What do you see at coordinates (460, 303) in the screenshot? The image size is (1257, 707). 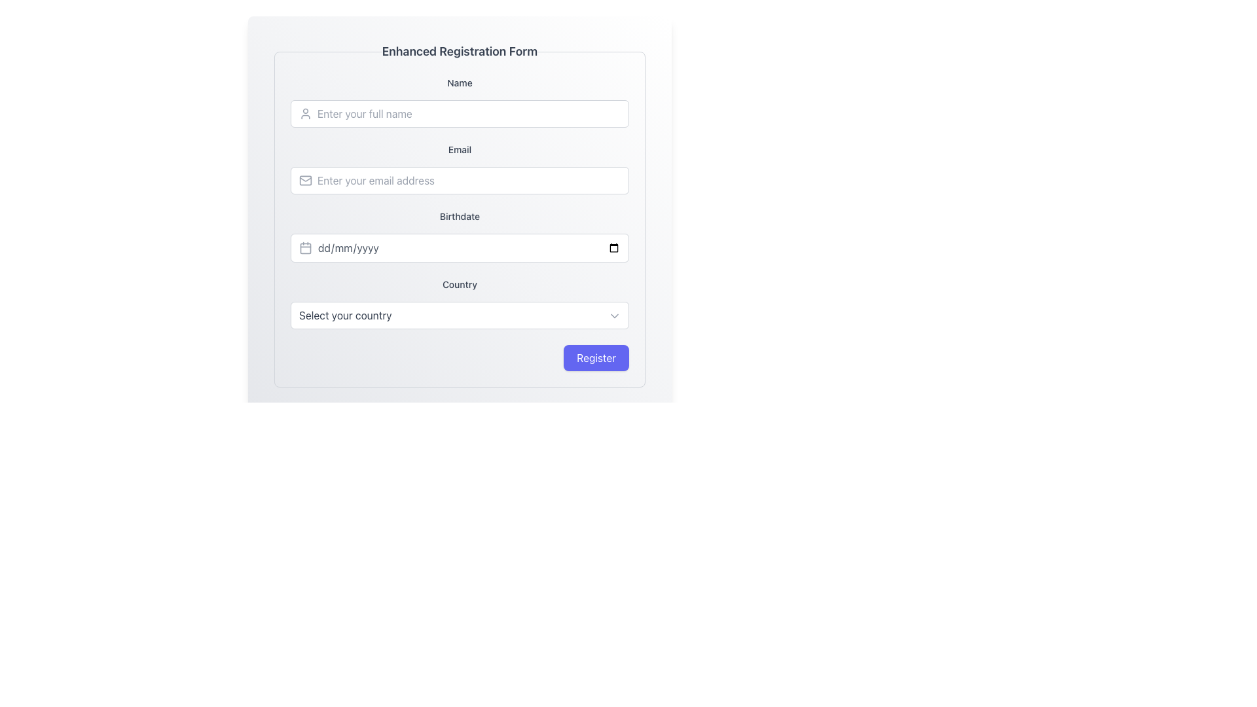 I see `the dropdown menu for selecting a country in the Enhanced Registration Form, located below the Birthdate field` at bounding box center [460, 303].